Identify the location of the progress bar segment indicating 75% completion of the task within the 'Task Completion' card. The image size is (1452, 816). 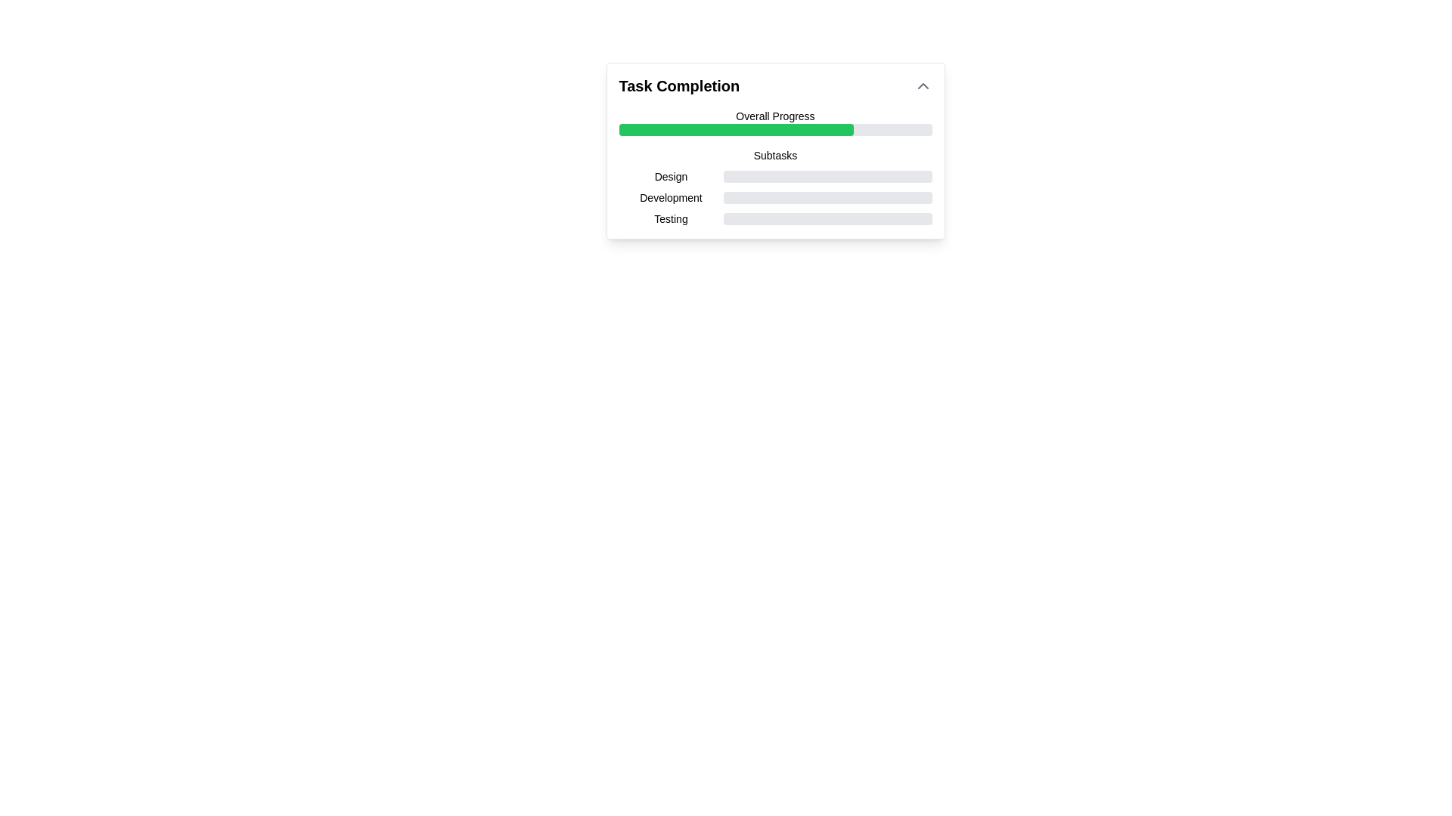
(736, 129).